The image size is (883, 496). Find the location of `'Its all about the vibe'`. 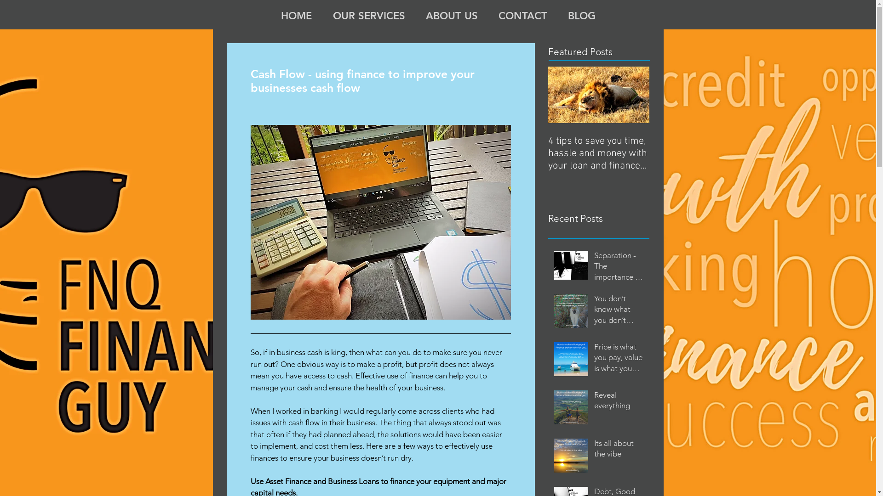

'Its all about the vibe' is located at coordinates (619, 451).